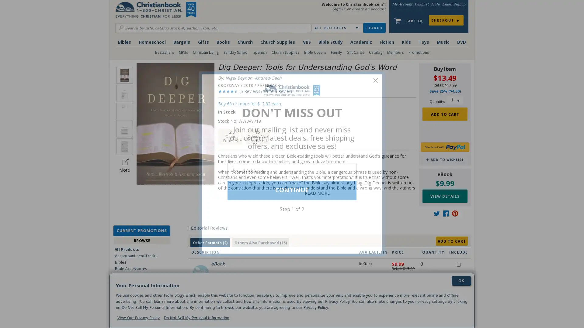 The image size is (584, 328). Describe the element at coordinates (445, 159) in the screenshot. I see `Add To Wishlist` at that location.